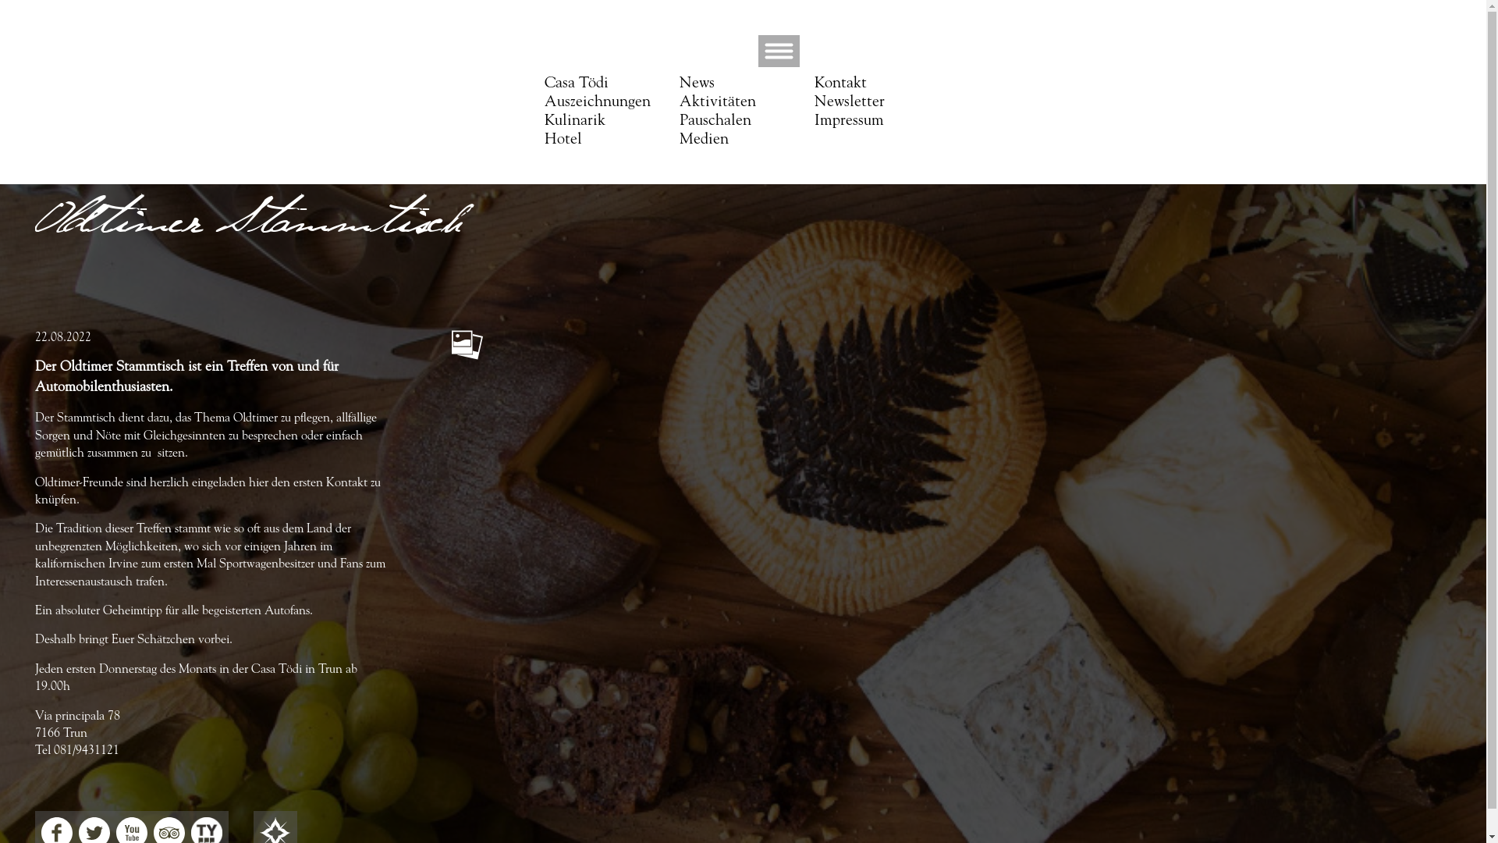 Image resolution: width=1498 pixels, height=843 pixels. What do you see at coordinates (597, 102) in the screenshot?
I see `'Auszeichnungen'` at bounding box center [597, 102].